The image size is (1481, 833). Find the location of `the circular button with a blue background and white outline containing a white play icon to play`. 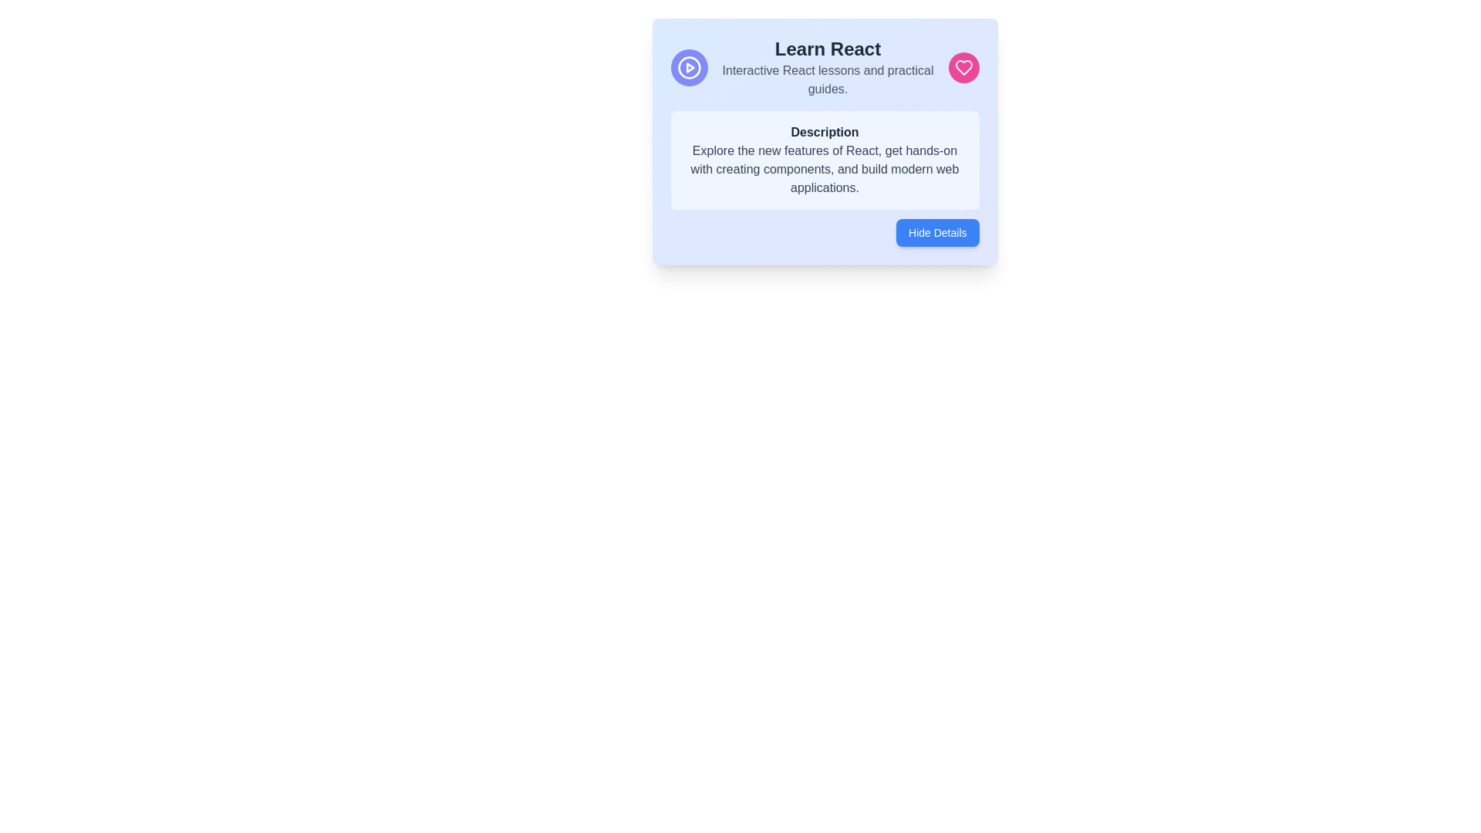

the circular button with a blue background and white outline containing a white play icon to play is located at coordinates (688, 67).